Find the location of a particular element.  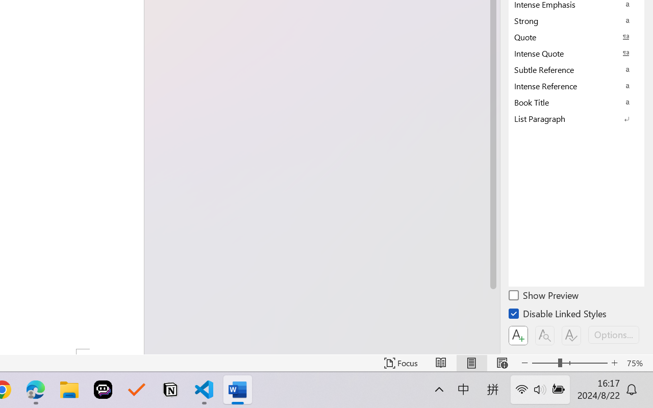

'Quote' is located at coordinates (576, 37).